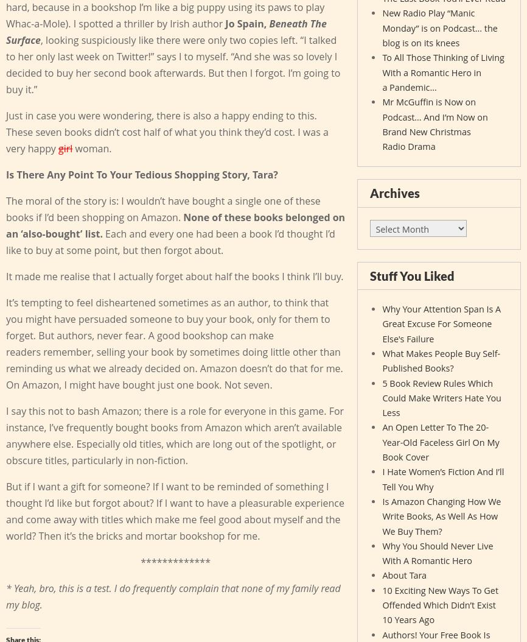  What do you see at coordinates (434, 123) in the screenshot?
I see `'Mr McGuffin is Now on Podcast… And I’m Now on Brand New Christmas Radio Drama'` at bounding box center [434, 123].